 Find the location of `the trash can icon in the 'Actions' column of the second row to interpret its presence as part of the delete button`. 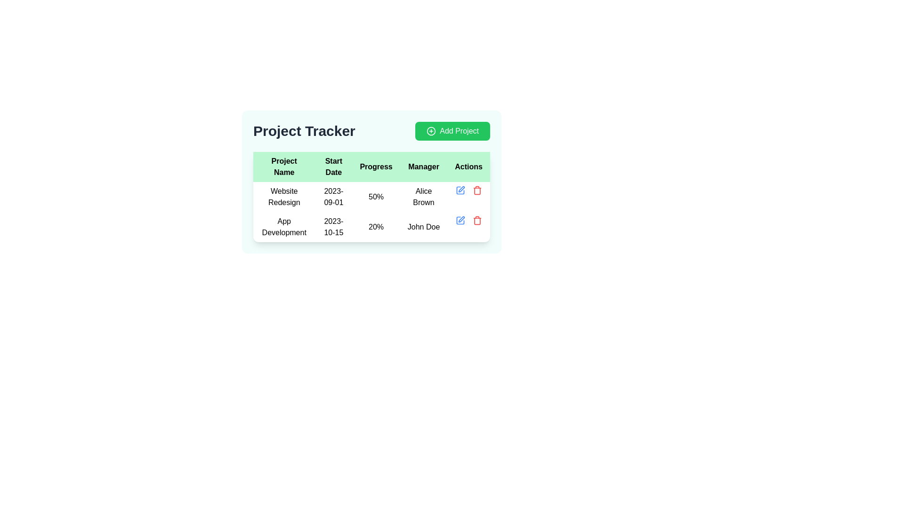

the trash can icon in the 'Actions' column of the second row to interpret its presence as part of the delete button is located at coordinates (477, 221).